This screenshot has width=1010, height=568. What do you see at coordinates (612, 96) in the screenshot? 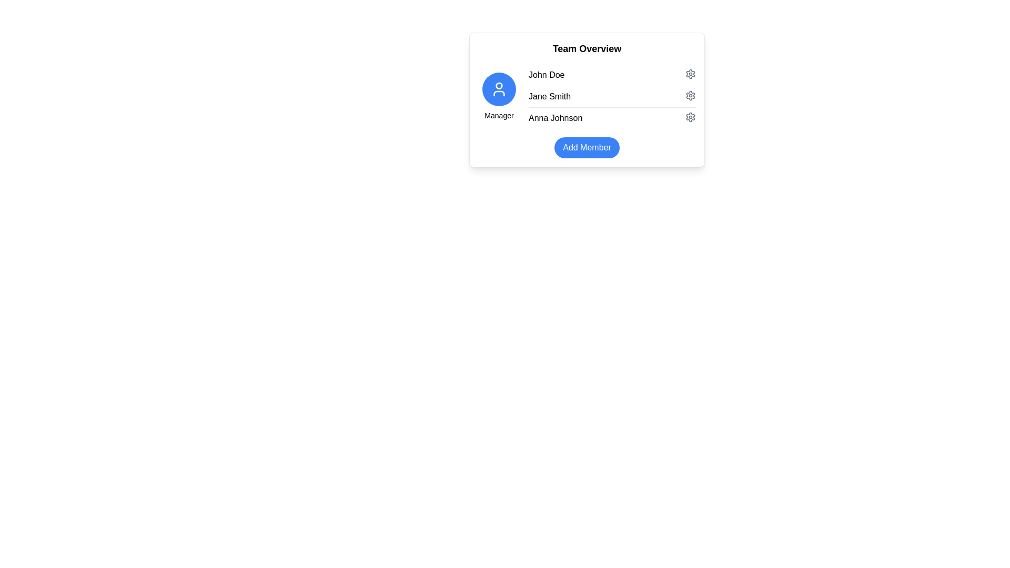
I see `the second item in the vertical list that displays identifying information, located between 'John Doe' and 'Anna Johnson'` at bounding box center [612, 96].